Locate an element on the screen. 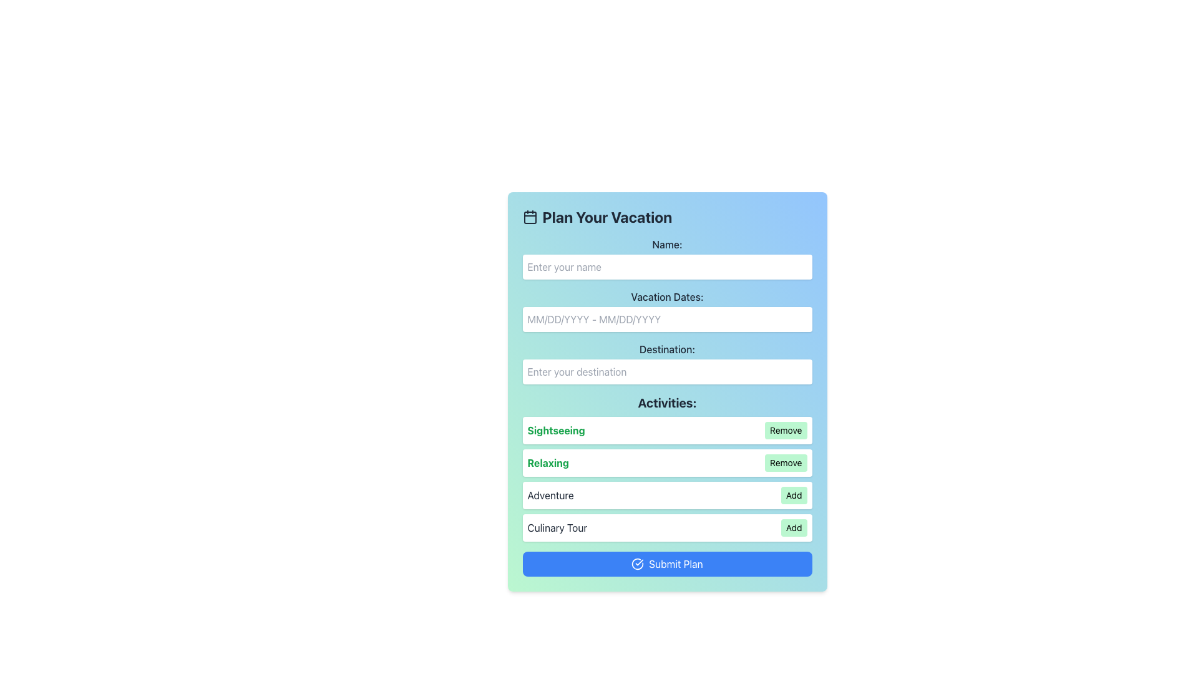  the main body of the calendar icon, which is a rectangle with rounded corners located within an SVG image, to the left of the 'Plan Your Vacation' title is located at coordinates (530, 217).